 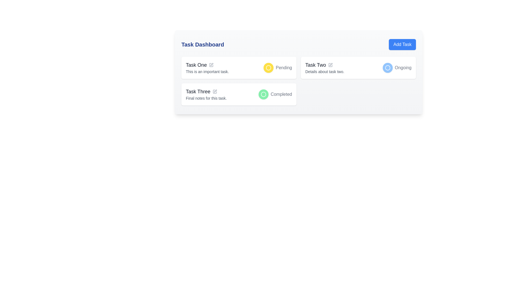 What do you see at coordinates (206, 98) in the screenshot?
I see `the descriptive text element located at the bottom of the 'Task Three' card, which provides additional information and is adjacent to the task status indicator labeled 'Completed'` at bounding box center [206, 98].